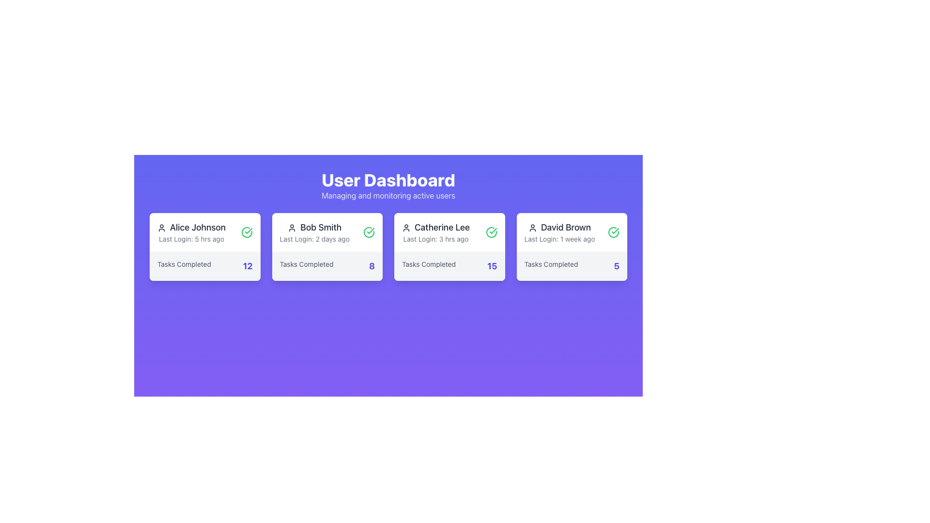 This screenshot has height=523, width=930. Describe the element at coordinates (491, 232) in the screenshot. I see `the icon of a circle enclosing a checkmark with a green outline, located in the top-right segment of the card labeled 'Catherine Lee', to the right of 'Last Login: 3 hrs ago'` at that location.